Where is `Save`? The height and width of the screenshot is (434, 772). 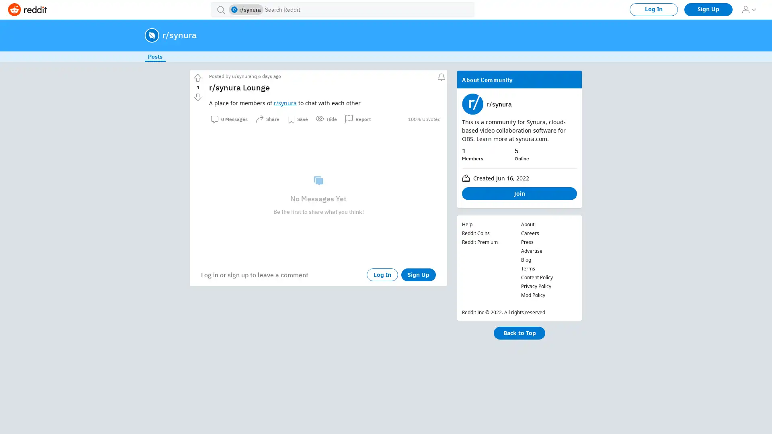
Save is located at coordinates (297, 119).